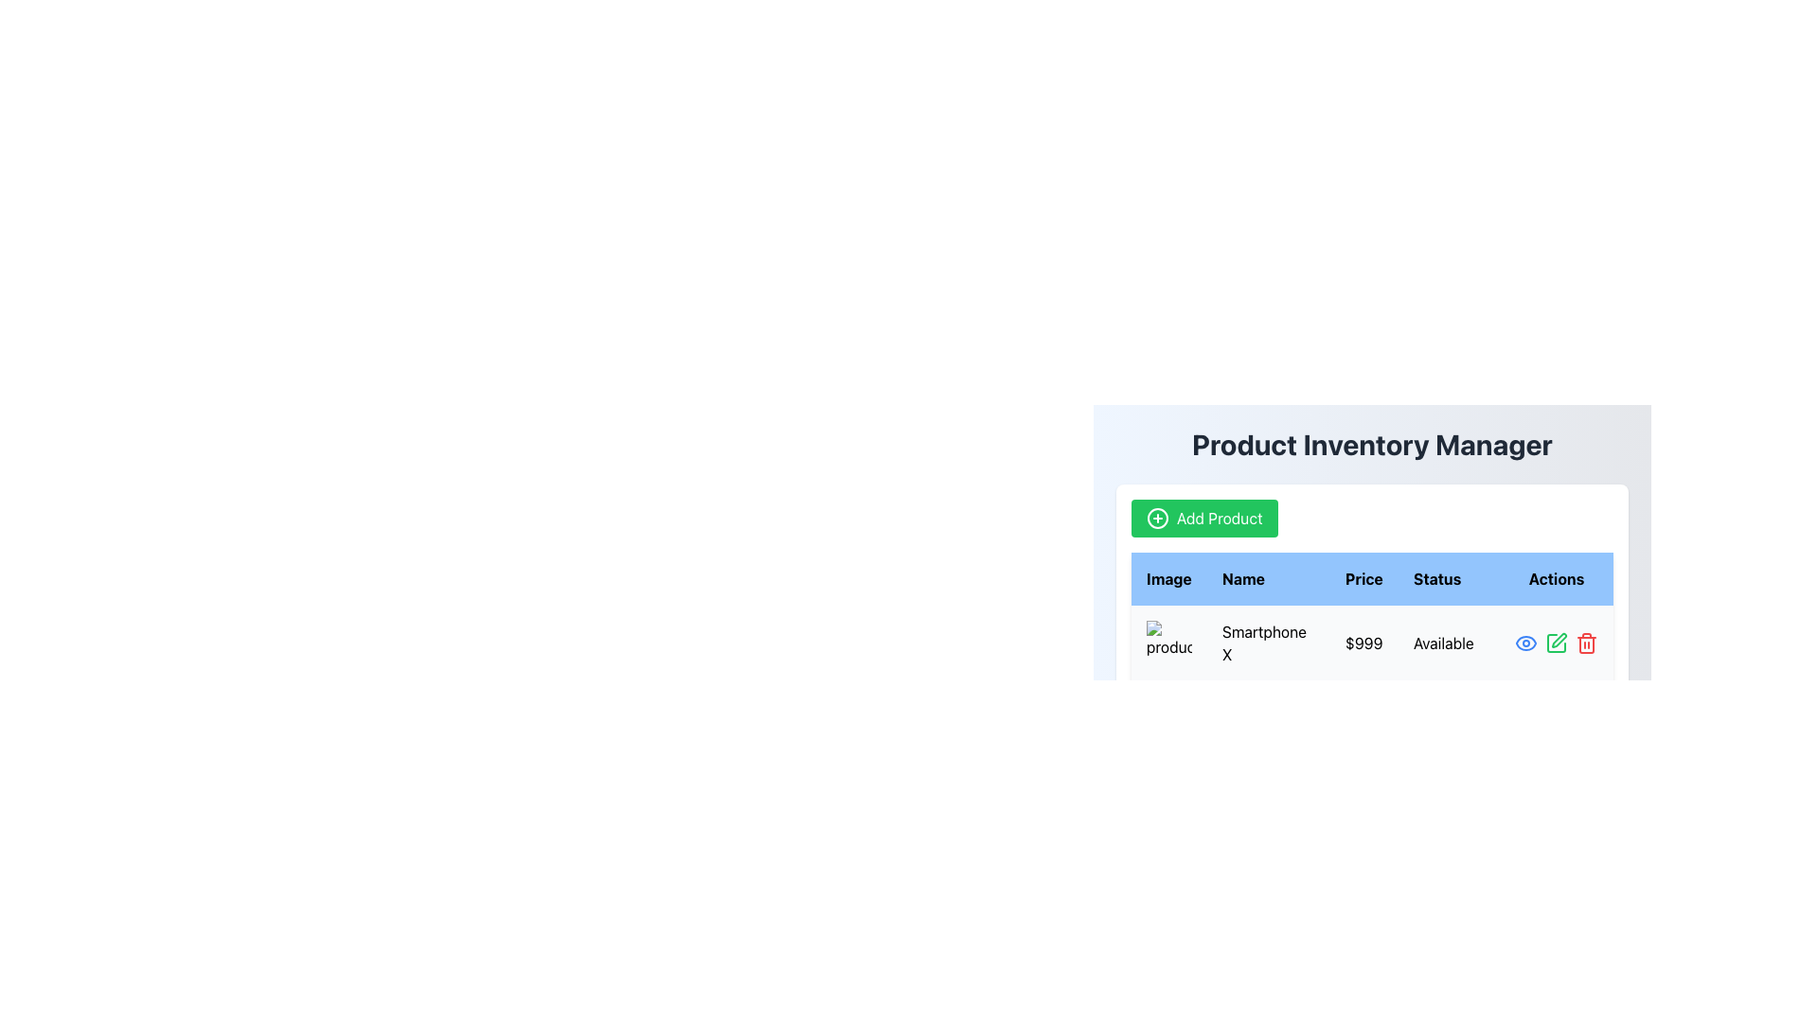 The height and width of the screenshot is (1022, 1818). I want to click on the 'Actions' label, which is bold and centered in a blue rectangular area, located at the rightmost column of the table header, so click(1556, 578).